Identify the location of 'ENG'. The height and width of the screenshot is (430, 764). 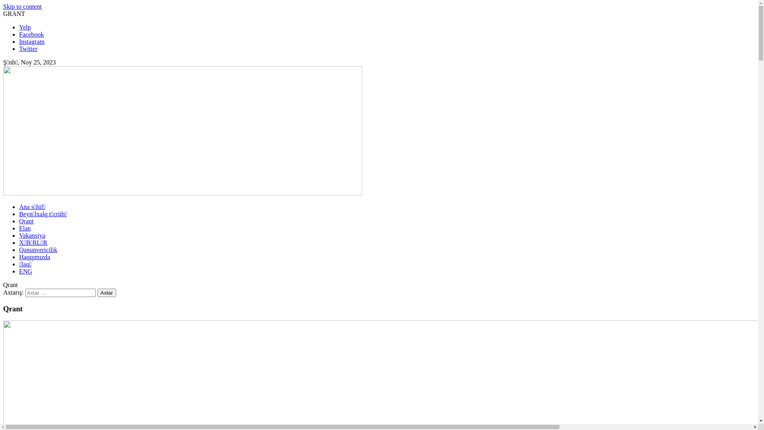
(25, 271).